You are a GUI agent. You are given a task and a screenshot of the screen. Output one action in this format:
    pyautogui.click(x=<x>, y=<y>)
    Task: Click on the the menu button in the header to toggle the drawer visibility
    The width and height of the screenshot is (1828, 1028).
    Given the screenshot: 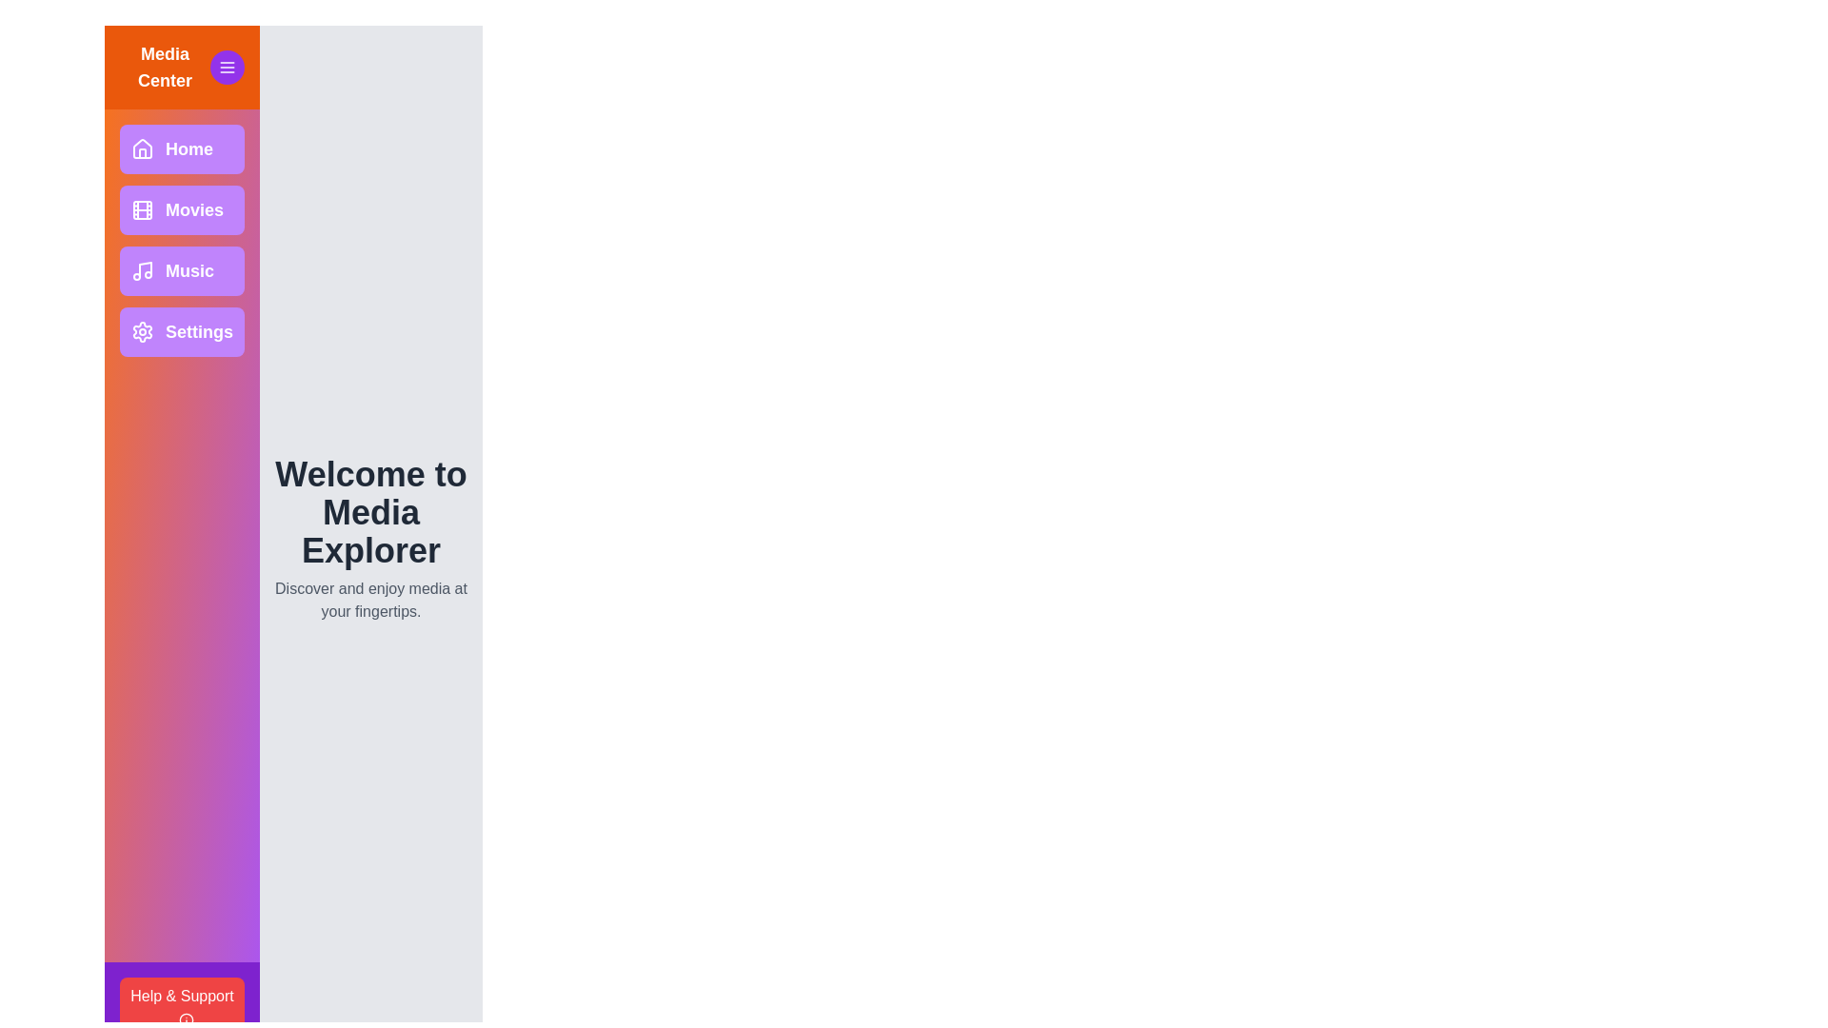 What is the action you would take?
    pyautogui.click(x=228, y=66)
    